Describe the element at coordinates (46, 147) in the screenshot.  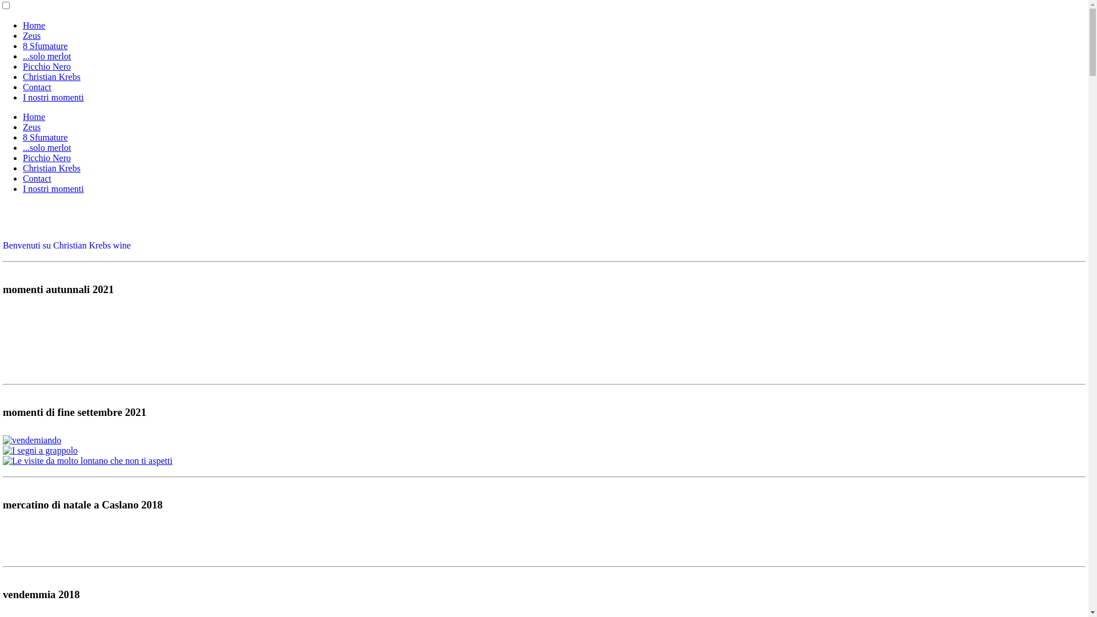
I see `'...solo merlot'` at that location.